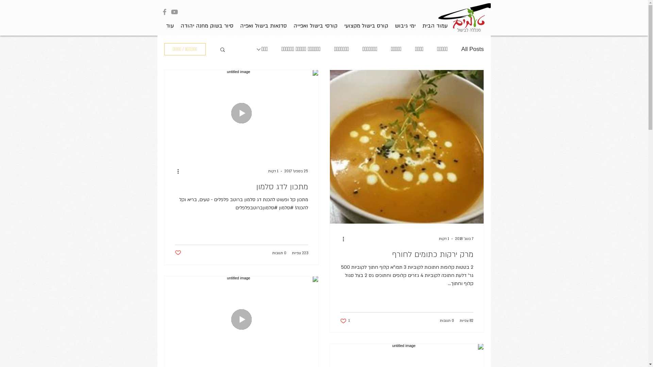  Describe the element at coordinates (461, 49) in the screenshot. I see `'All Posts'` at that location.